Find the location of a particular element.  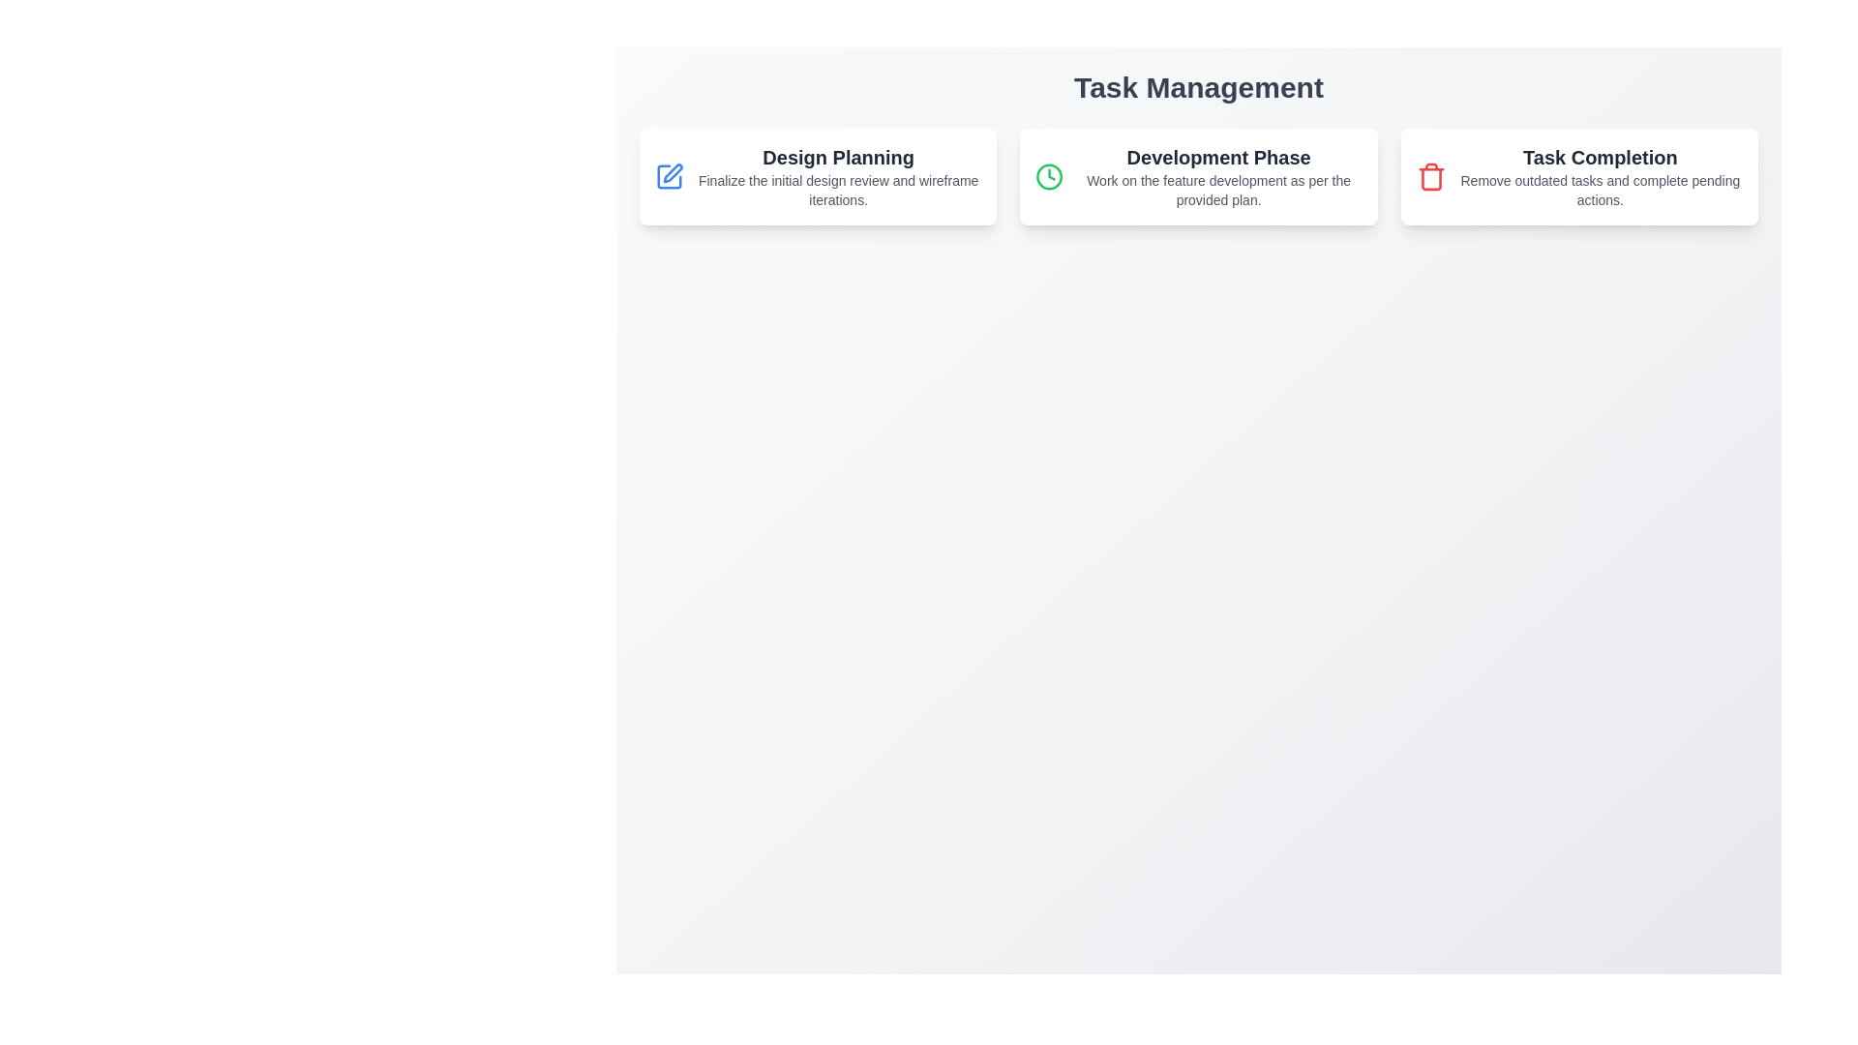

the 'Development Phase' heading which is displayed in a bold and large font style with a dark gray color, positioned centrally within its card above the descriptive text is located at coordinates (1217, 156).